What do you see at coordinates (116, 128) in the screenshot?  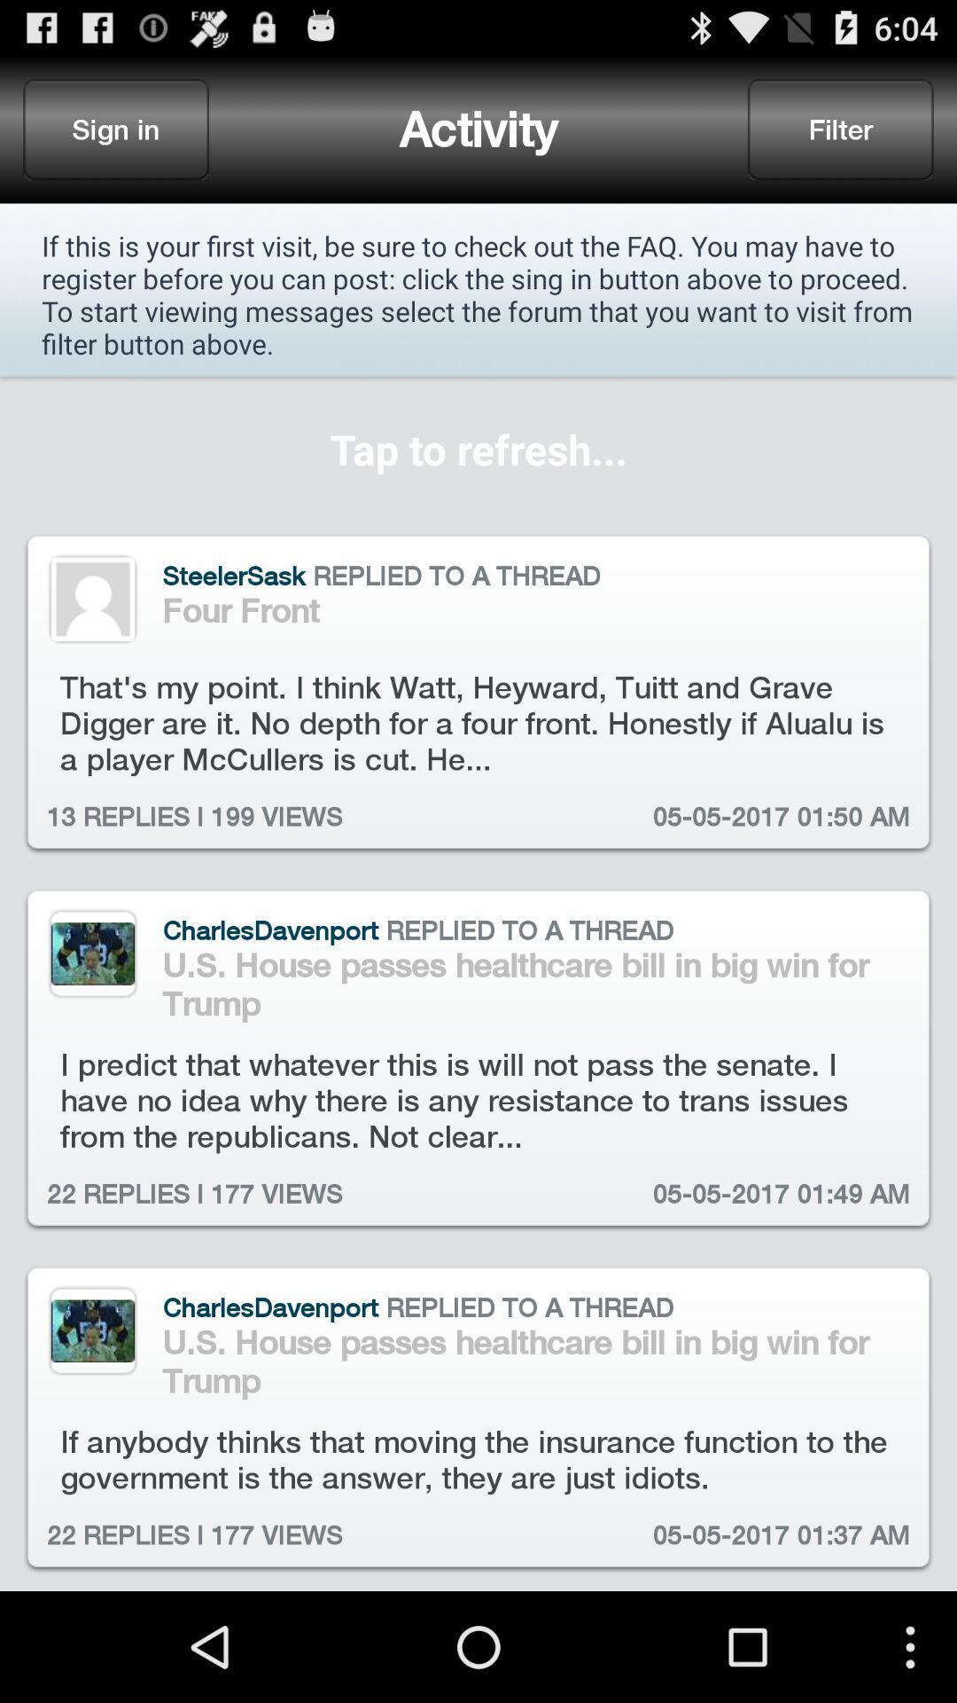 I see `sign in` at bounding box center [116, 128].